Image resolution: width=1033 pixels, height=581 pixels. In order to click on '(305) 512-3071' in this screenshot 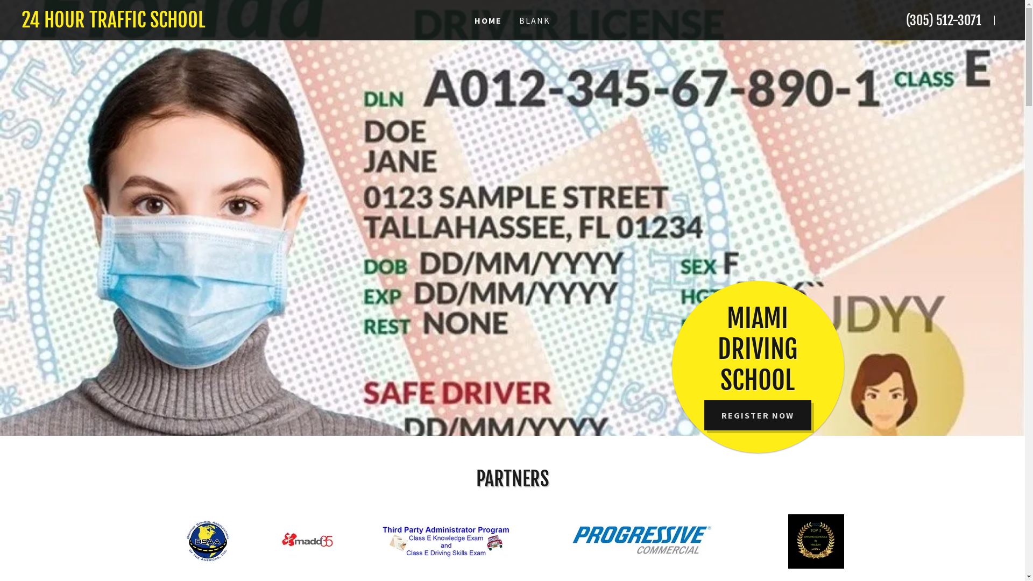, I will do `click(943, 20)`.